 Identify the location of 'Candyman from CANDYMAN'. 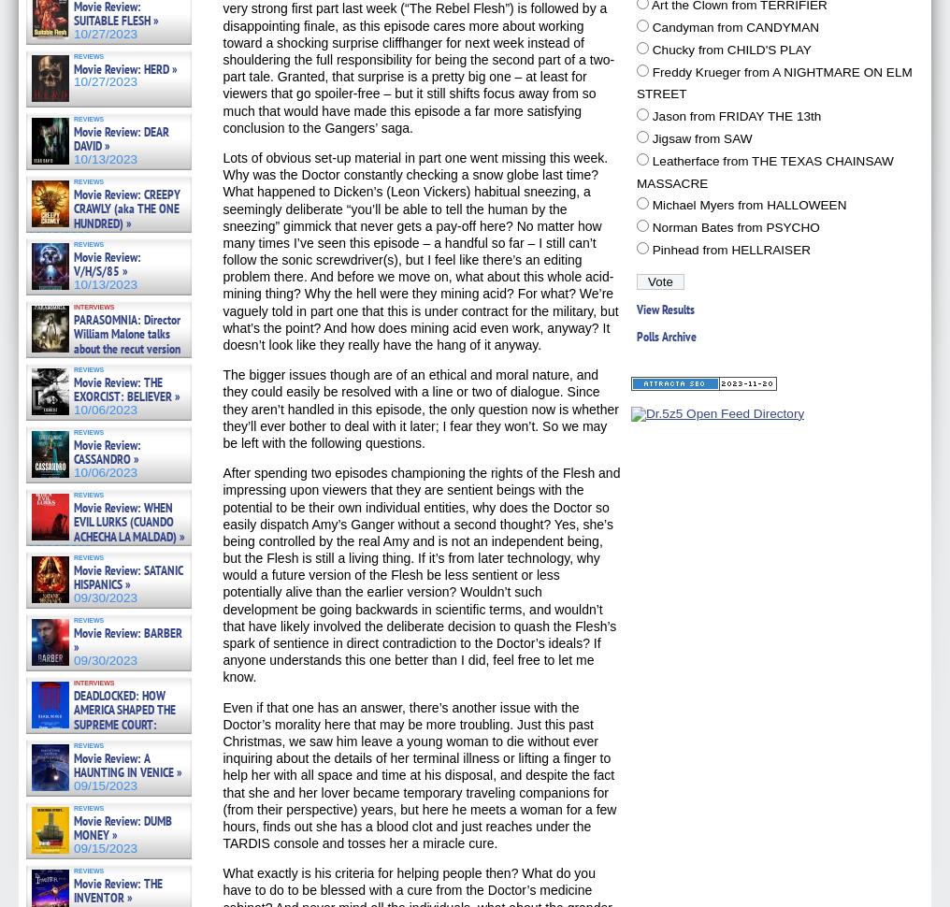
(650, 26).